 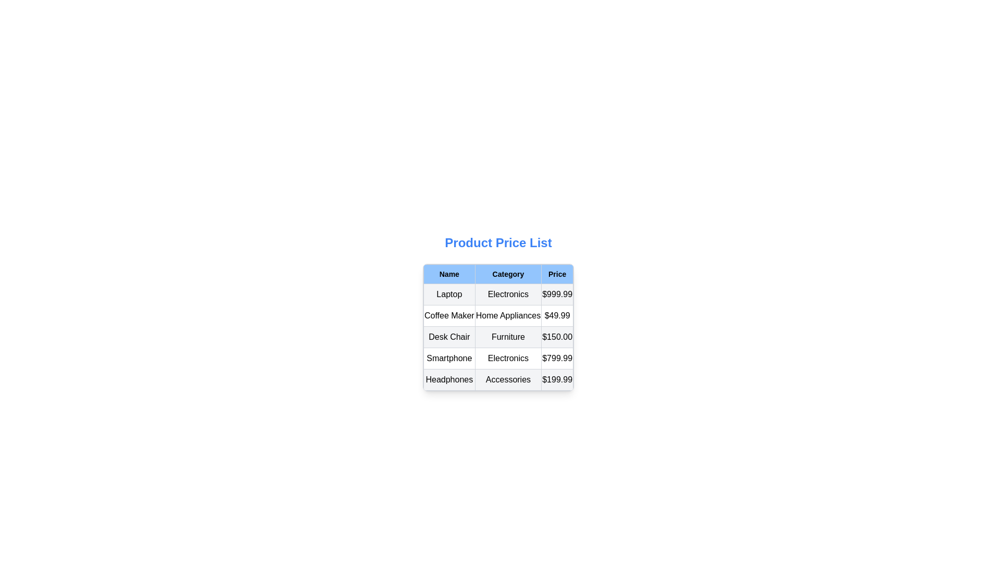 I want to click on the 'Category' text label in the table header, which is centrally aligned with a light blue background and black bold font, located between the 'Name' and 'Price' headers, so click(x=508, y=274).